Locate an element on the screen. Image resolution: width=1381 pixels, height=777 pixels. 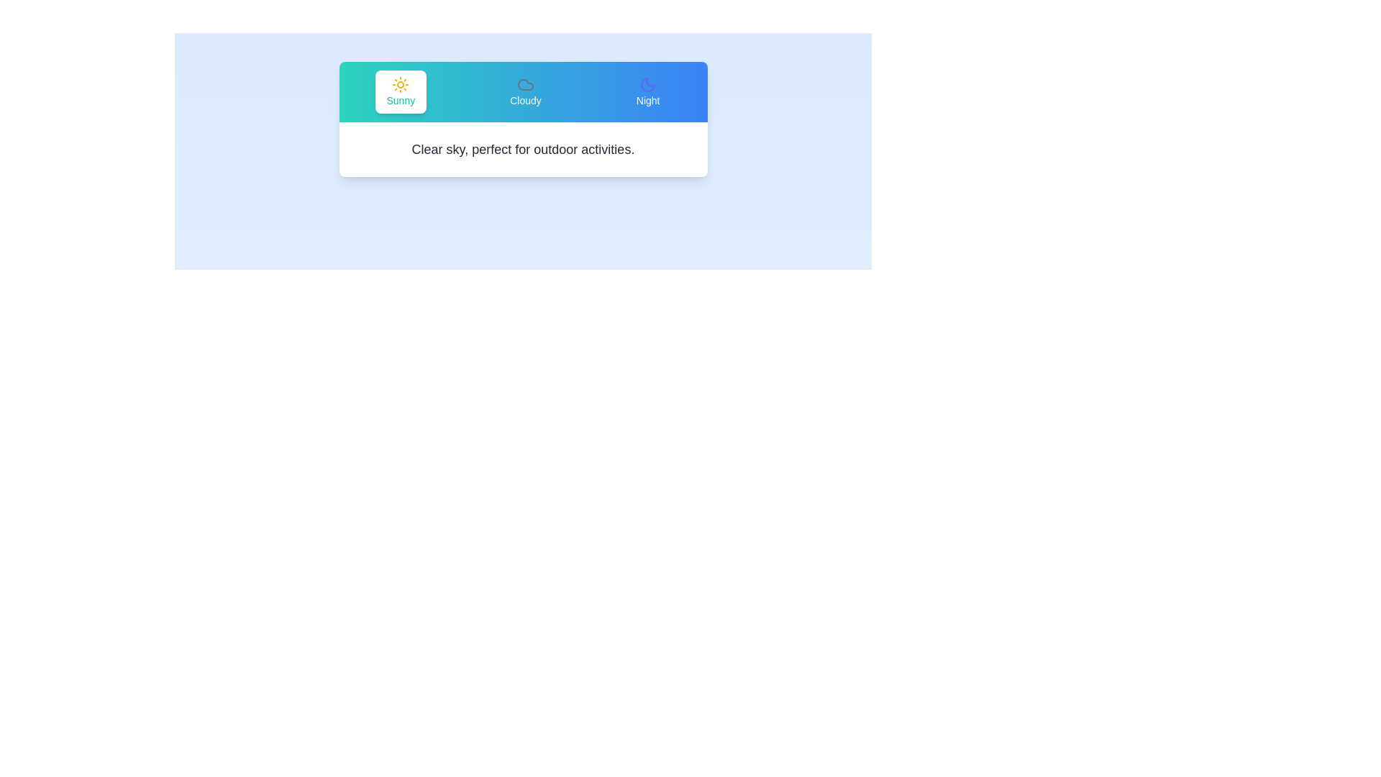
the weather tab corresponding to Sunny is located at coordinates (400, 91).